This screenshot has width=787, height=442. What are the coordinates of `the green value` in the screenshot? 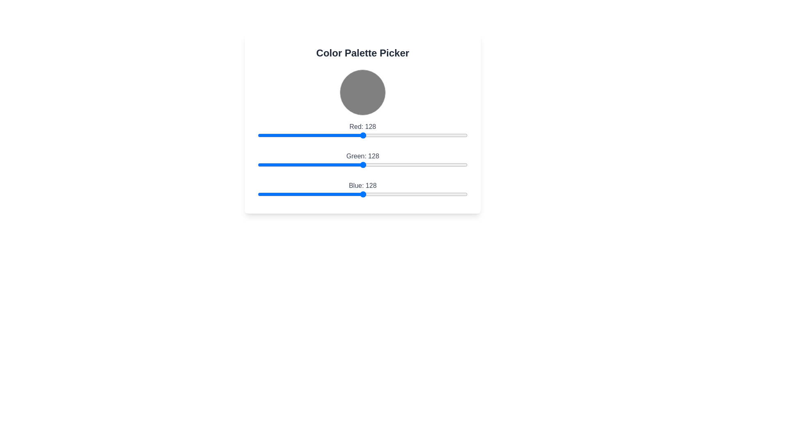 It's located at (336, 165).